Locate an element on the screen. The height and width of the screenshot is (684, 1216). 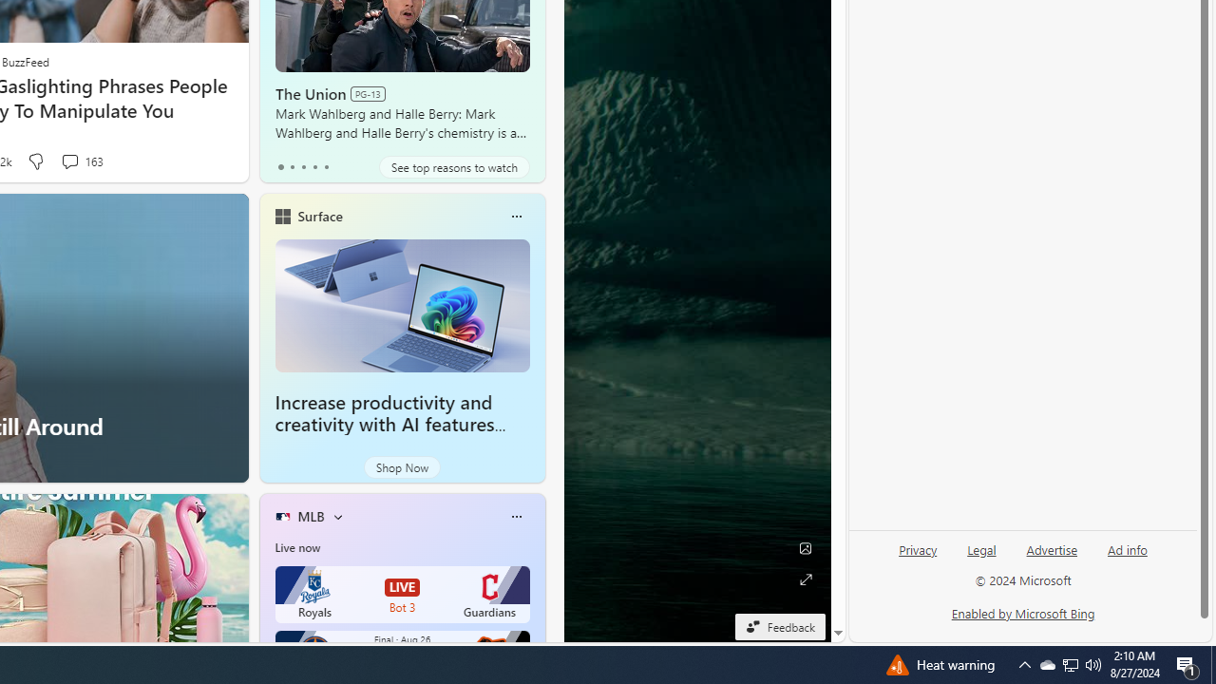
'View comments 163 Comment' is located at coordinates (69, 160).